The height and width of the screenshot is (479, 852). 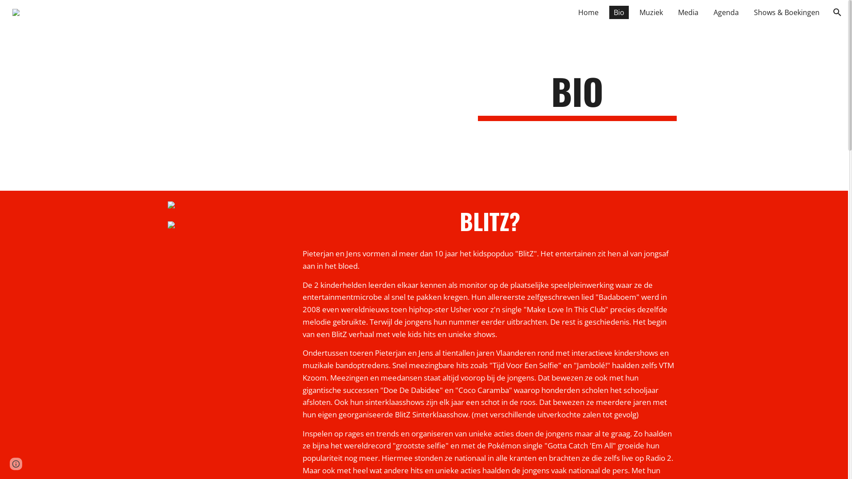 I want to click on 'Home', so click(x=588, y=12).